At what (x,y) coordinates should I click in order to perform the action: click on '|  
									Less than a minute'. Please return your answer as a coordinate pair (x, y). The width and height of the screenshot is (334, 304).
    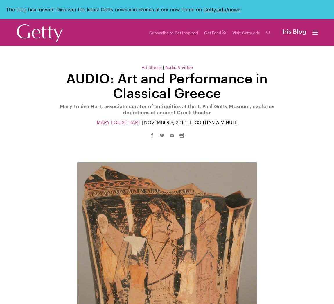
    Looking at the image, I should click on (211, 122).